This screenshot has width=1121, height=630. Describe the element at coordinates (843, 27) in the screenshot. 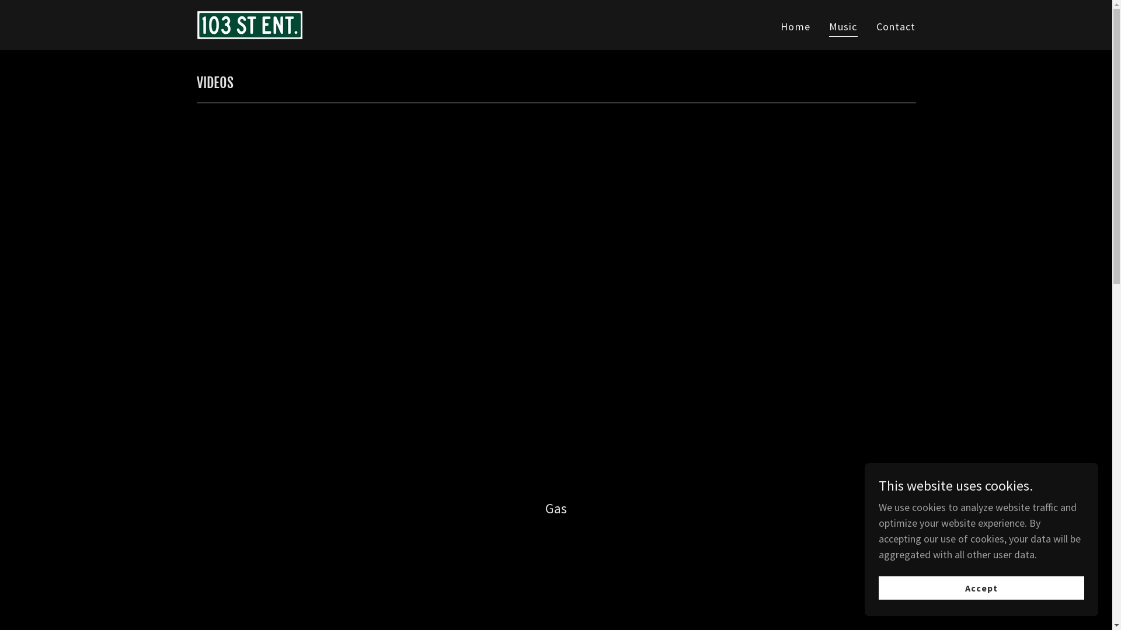

I see `'Music'` at that location.